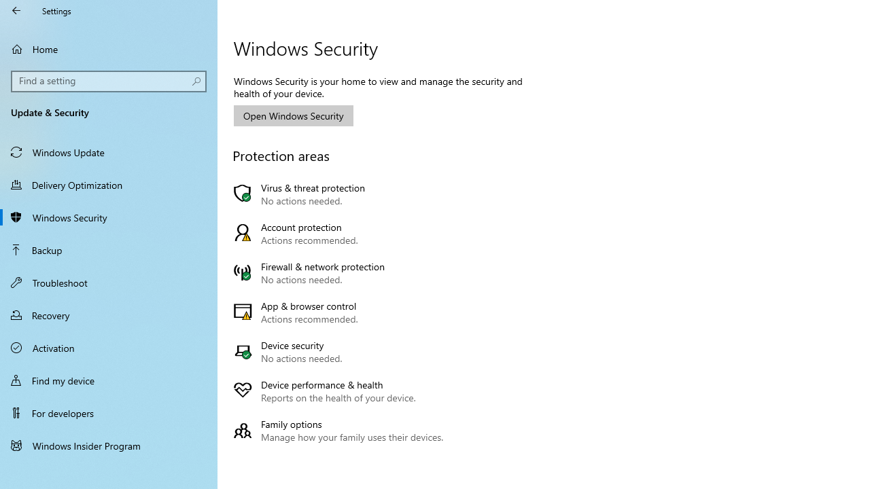  Describe the element at coordinates (109, 445) in the screenshot. I see `'Windows Insider Program'` at that location.